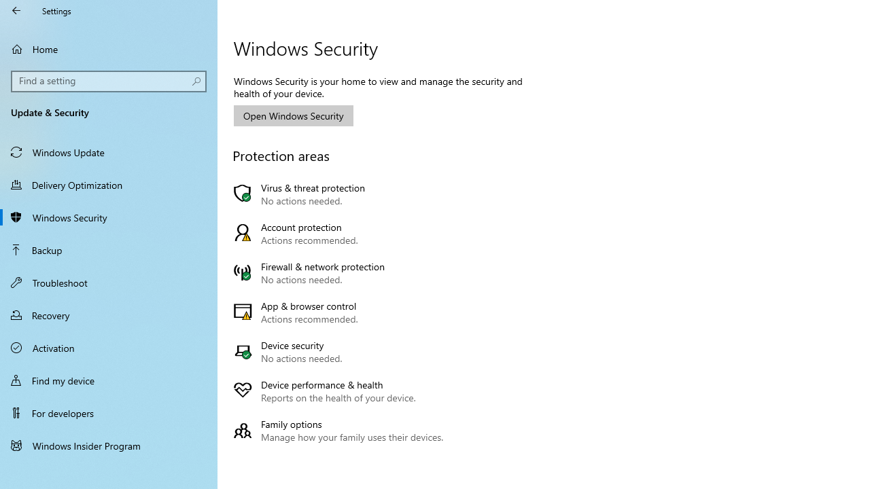  Describe the element at coordinates (109, 445) in the screenshot. I see `'Windows Insider Program'` at that location.